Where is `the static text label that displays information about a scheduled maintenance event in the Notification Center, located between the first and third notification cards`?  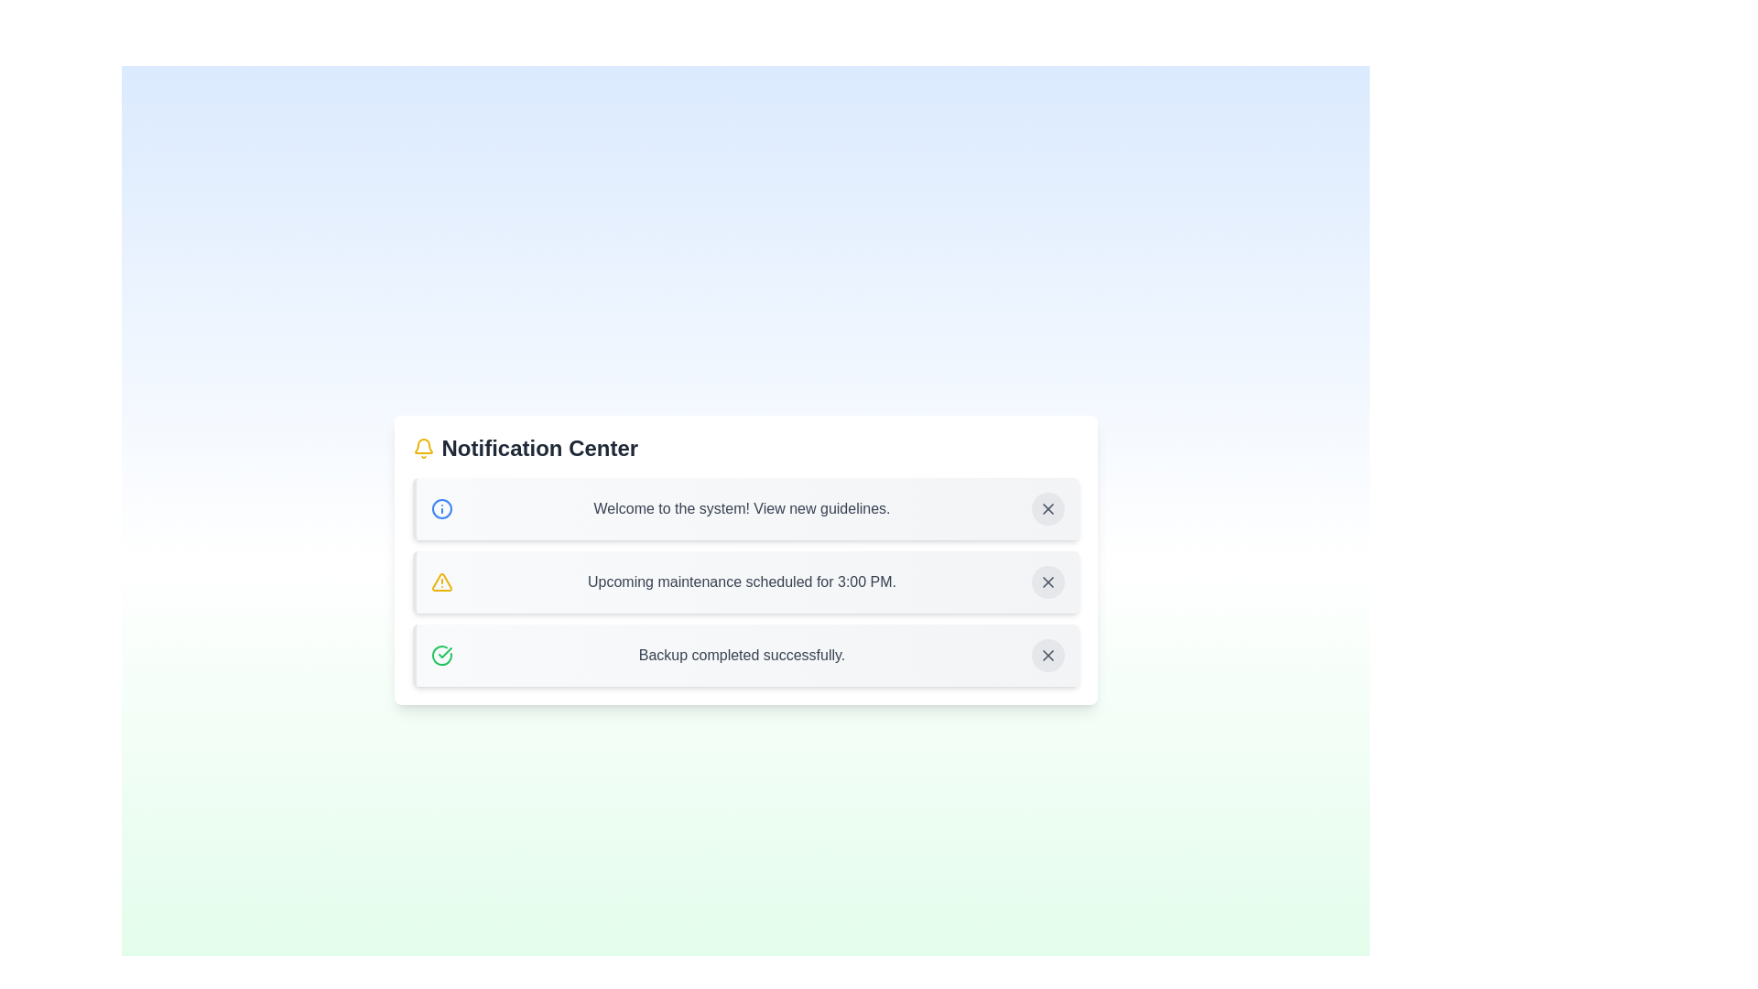
the static text label that displays information about a scheduled maintenance event in the Notification Center, located between the first and third notification cards is located at coordinates (742, 582).